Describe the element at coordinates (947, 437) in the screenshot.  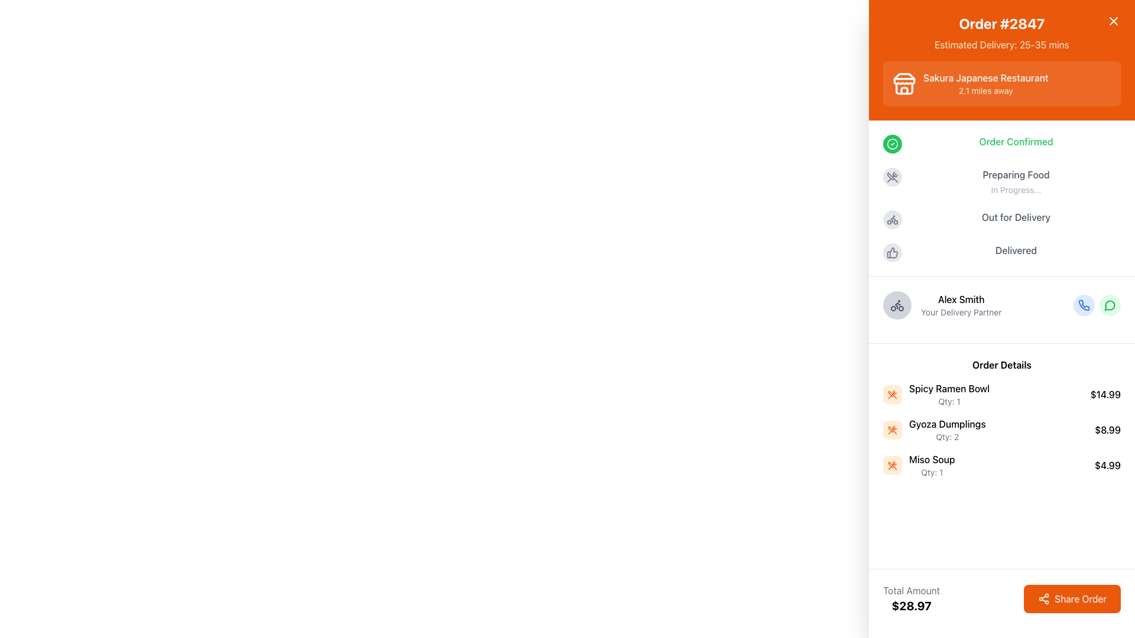
I see `the text field displaying 'Qty: 2' located under the 'Gyoza Dumplings' label in the 'Order Details' section` at that location.